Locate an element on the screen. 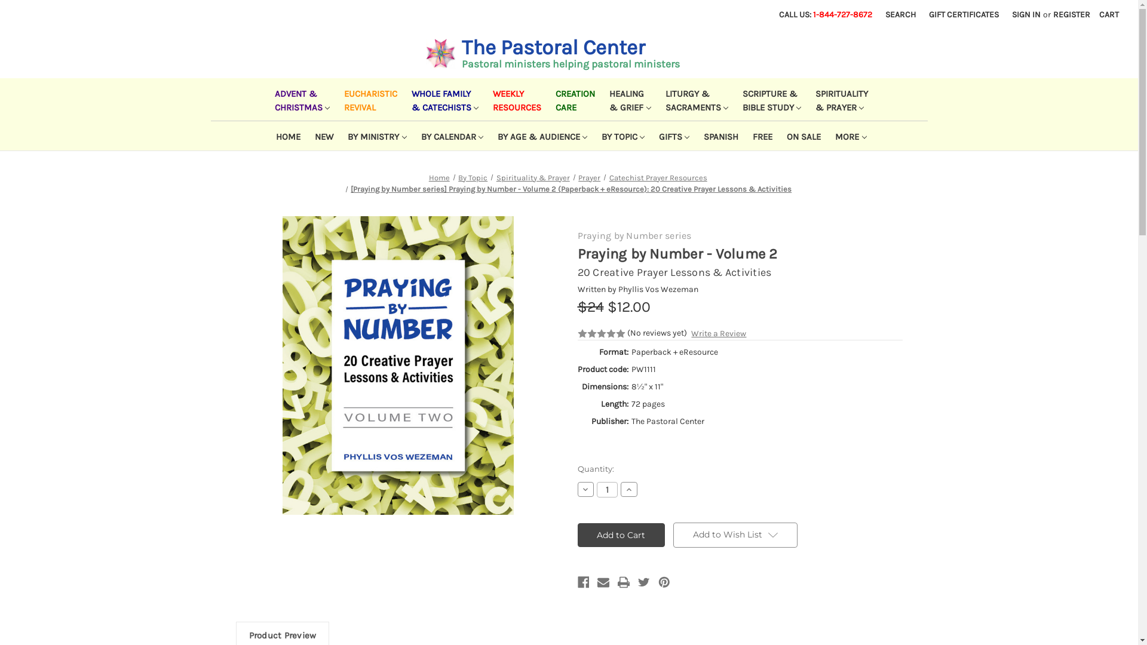 The height and width of the screenshot is (645, 1147). 'BY CALENDAR' is located at coordinates (412, 135).